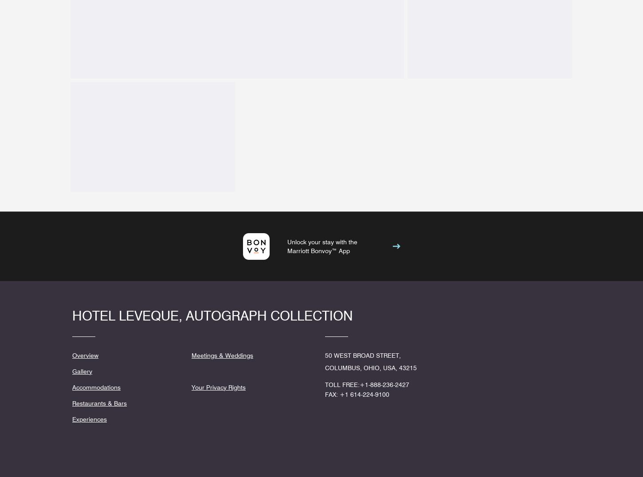 The width and height of the screenshot is (643, 477). What do you see at coordinates (212, 315) in the screenshot?
I see `'HOTEL LEVEQUE, AUTOGRAPH COLLECTION'` at bounding box center [212, 315].